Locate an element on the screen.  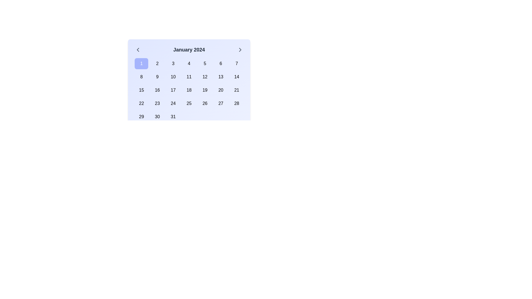
the text-based button displaying the number '24' in the calendar grid is located at coordinates (173, 104).